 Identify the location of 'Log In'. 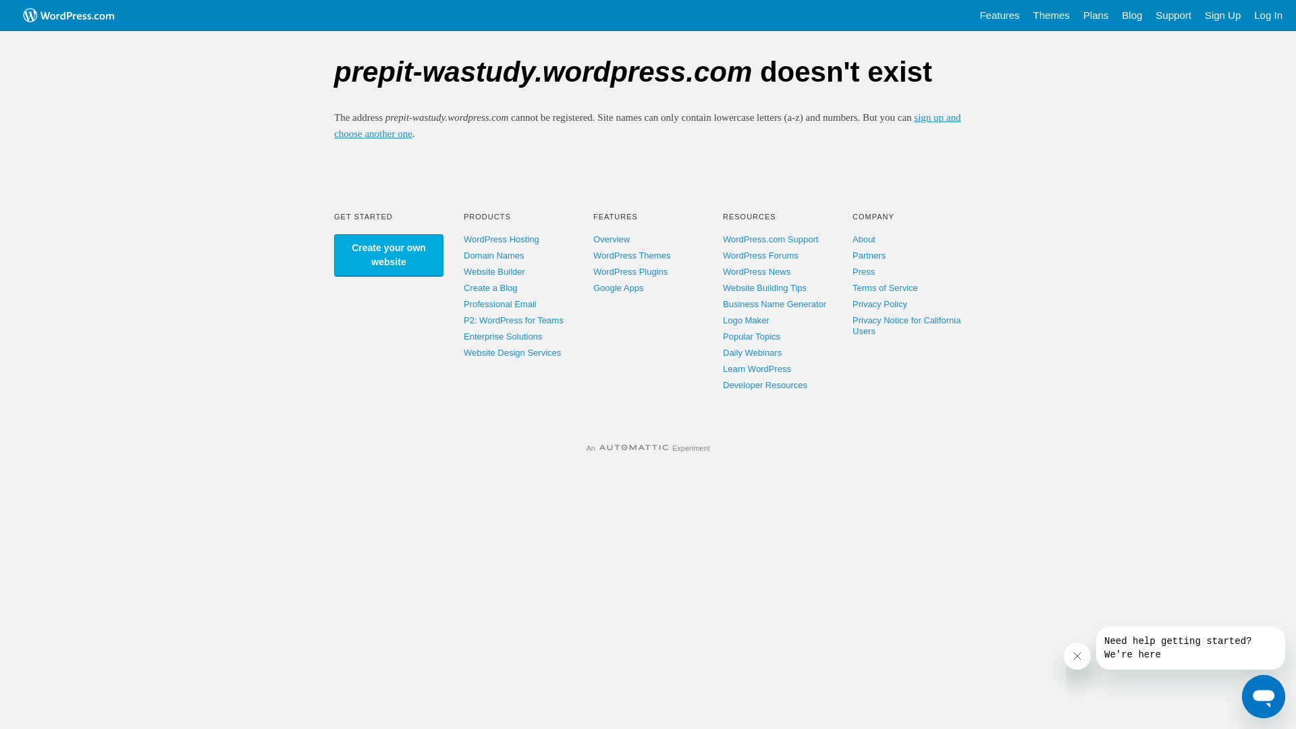
(1267, 16).